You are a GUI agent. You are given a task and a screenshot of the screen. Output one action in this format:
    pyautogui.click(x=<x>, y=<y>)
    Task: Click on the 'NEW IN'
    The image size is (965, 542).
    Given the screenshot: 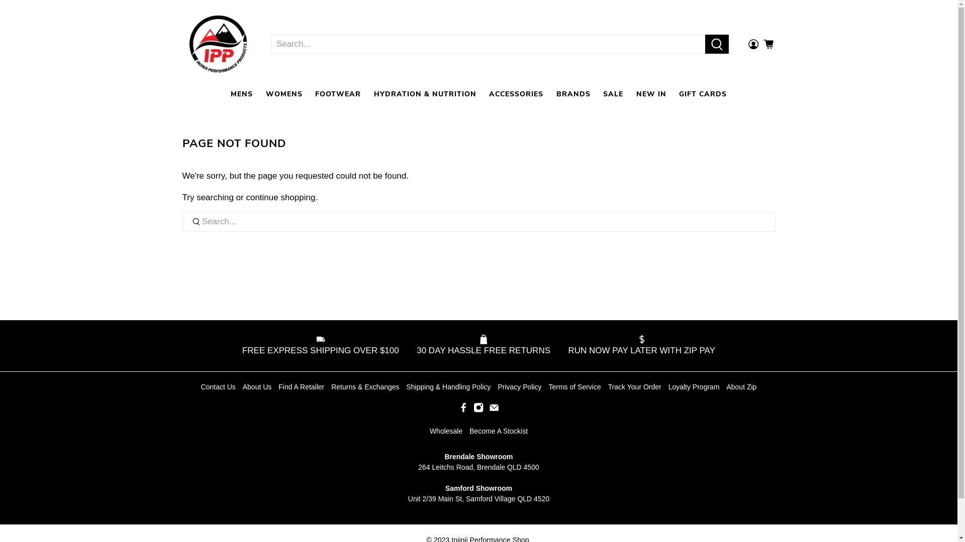 What is the action you would take?
    pyautogui.click(x=629, y=94)
    